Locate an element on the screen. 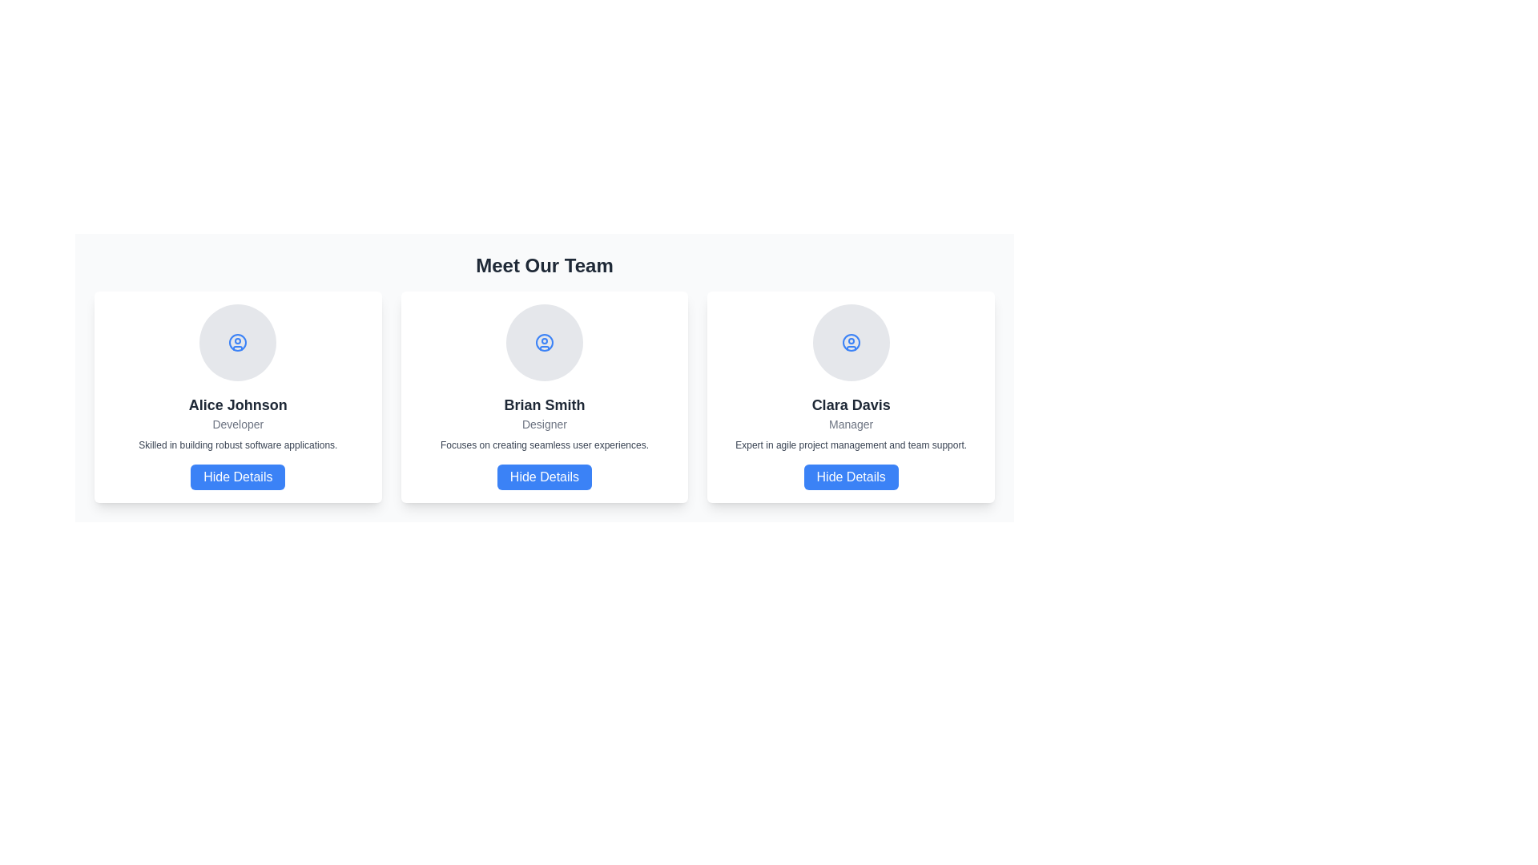 Image resolution: width=1538 pixels, height=865 pixels. the bold text element reading 'Alice Johnson', which is positioned below a circular avatar and above the smaller text 'Developer' in the leftmost card of three cards is located at coordinates (237, 404).